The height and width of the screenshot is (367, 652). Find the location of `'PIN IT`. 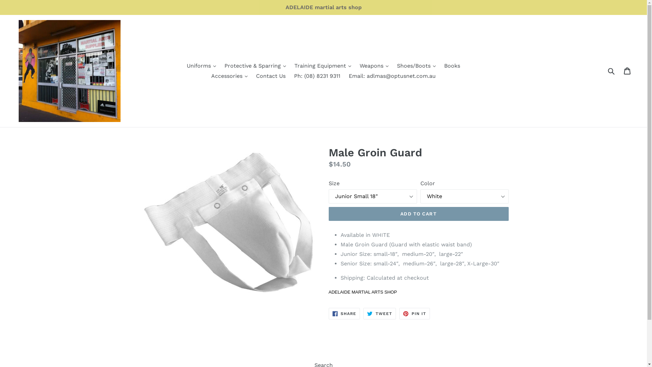

'PIN IT is located at coordinates (399, 313).